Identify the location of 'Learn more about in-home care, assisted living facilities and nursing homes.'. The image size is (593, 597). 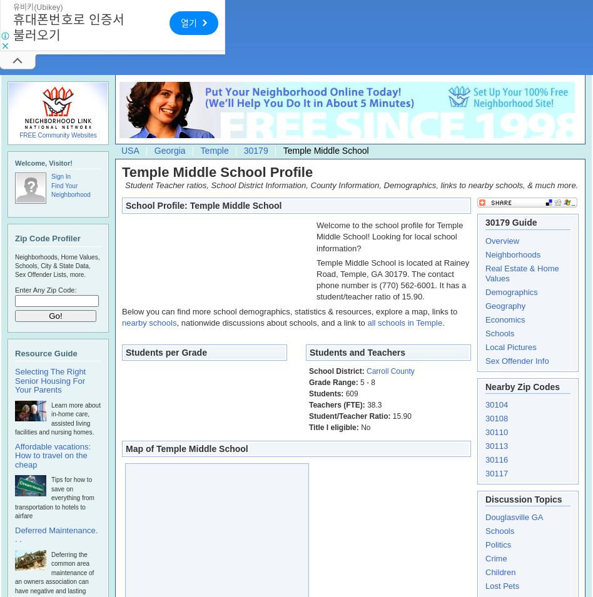
(57, 418).